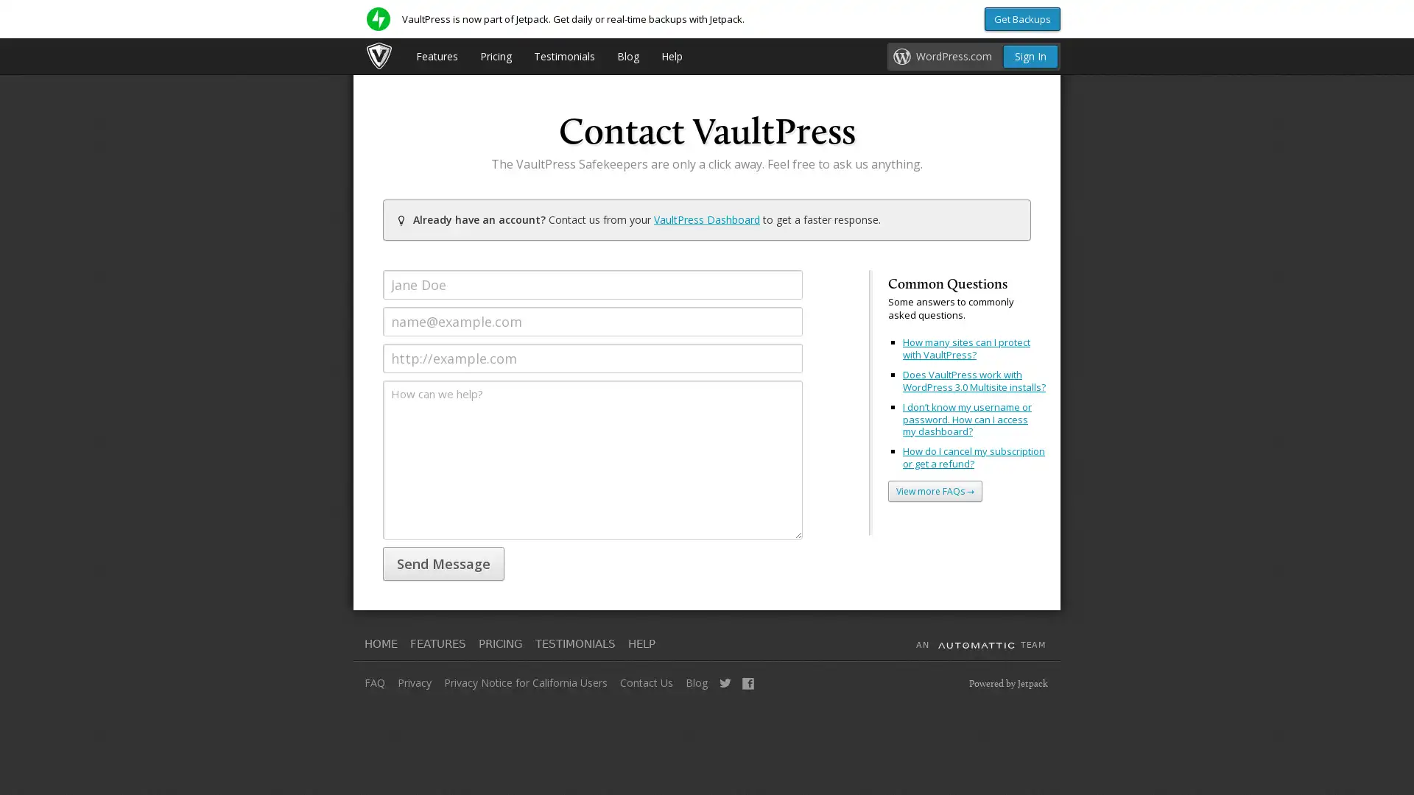  I want to click on Send Message, so click(443, 563).